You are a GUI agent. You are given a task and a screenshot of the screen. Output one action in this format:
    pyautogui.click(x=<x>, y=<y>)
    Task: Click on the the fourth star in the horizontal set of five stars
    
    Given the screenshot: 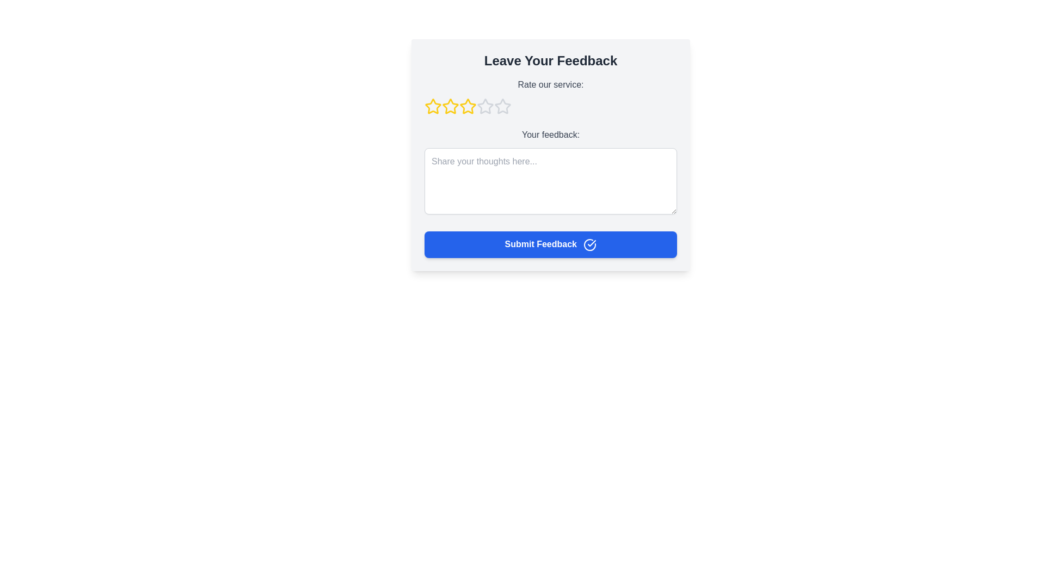 What is the action you would take?
    pyautogui.click(x=501, y=106)
    